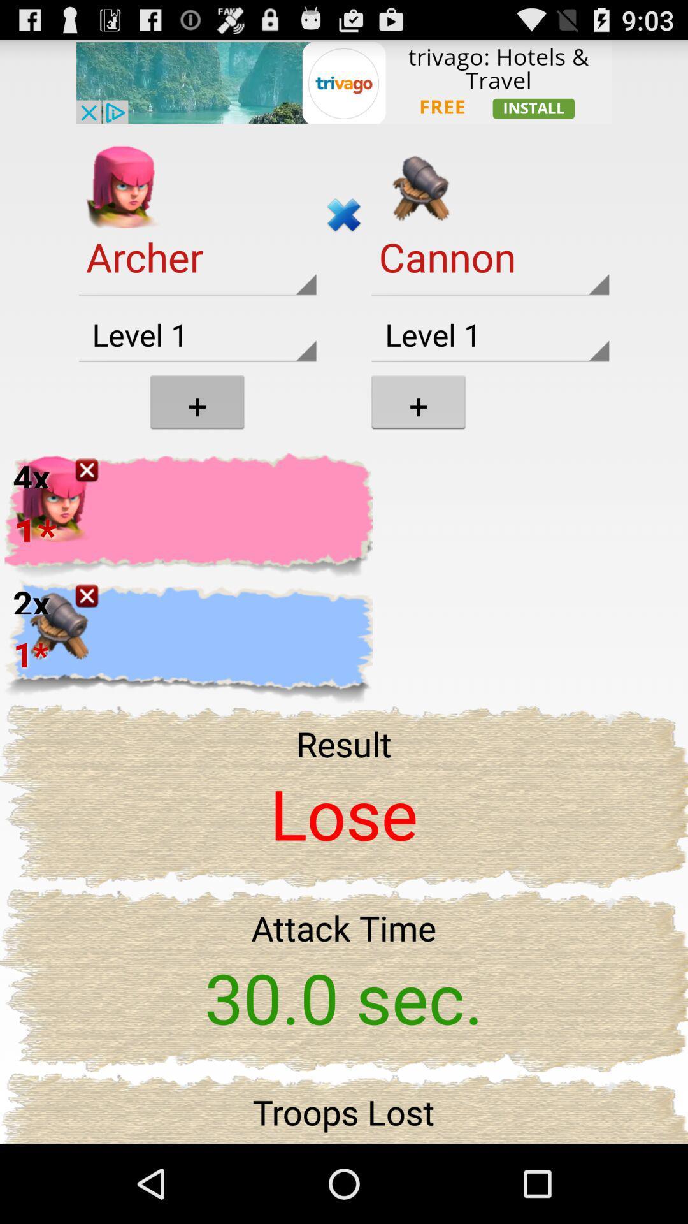 The height and width of the screenshot is (1224, 688). What do you see at coordinates (344, 81) in the screenshot?
I see `click advertisement` at bounding box center [344, 81].